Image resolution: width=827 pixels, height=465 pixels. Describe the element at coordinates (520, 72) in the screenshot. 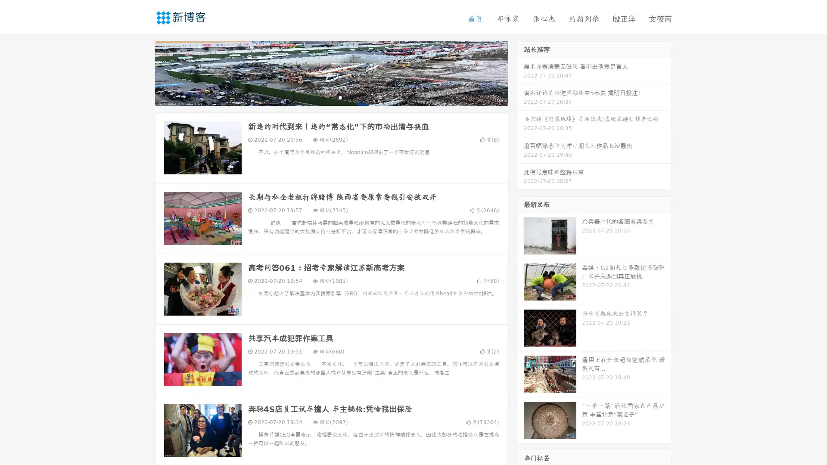

I see `Next slide` at that location.